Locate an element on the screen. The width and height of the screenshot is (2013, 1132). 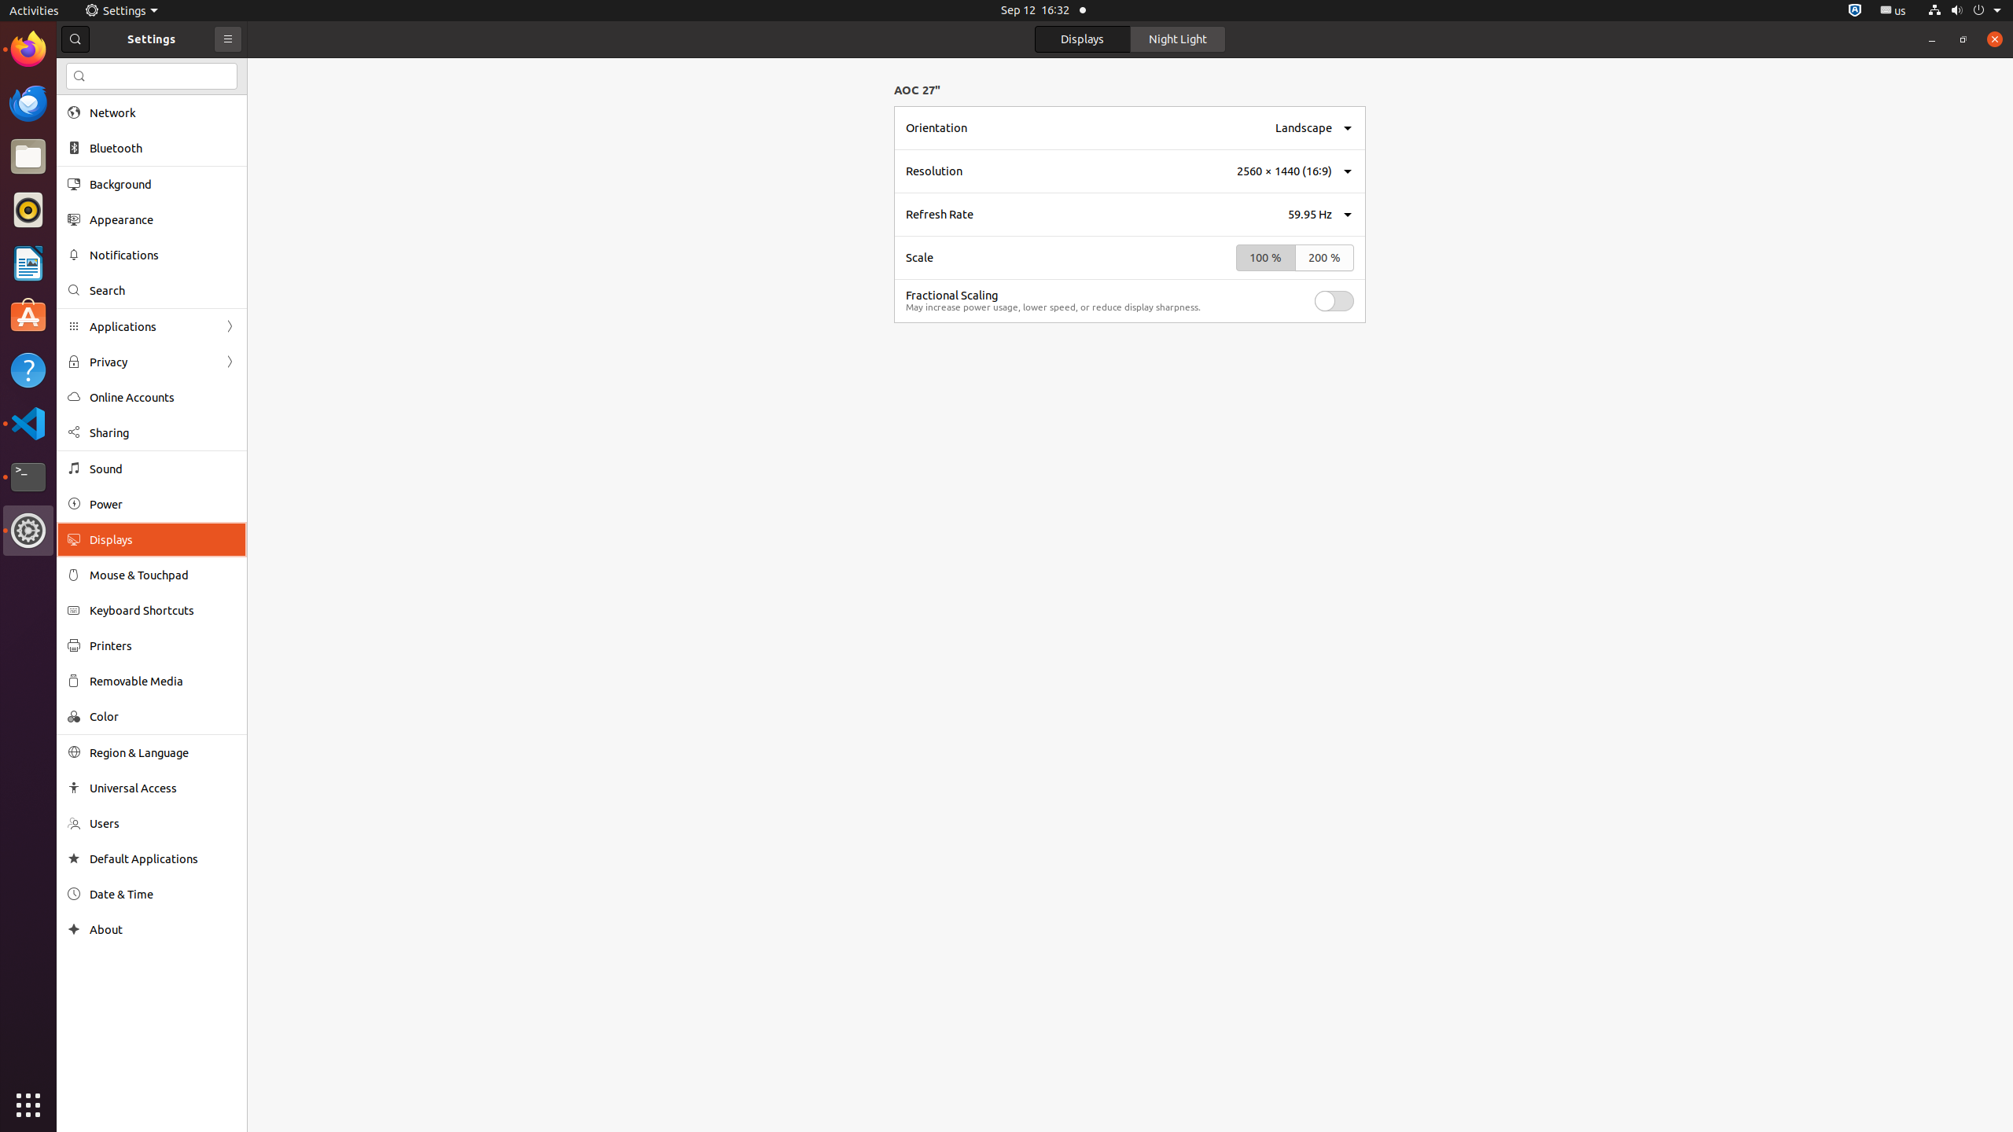
'Minimize' is located at coordinates (1932, 39).